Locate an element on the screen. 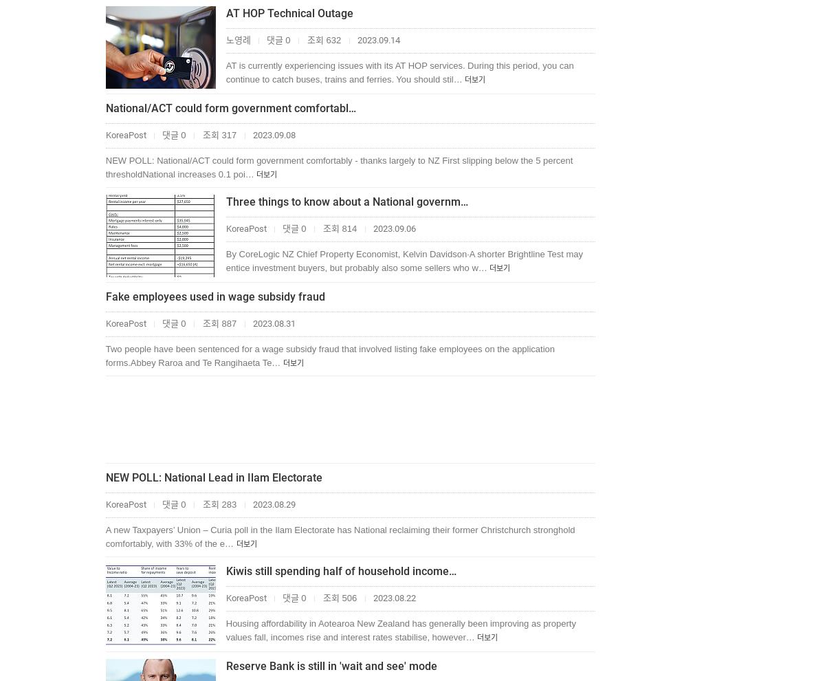  'AT is currently experiencing issues with its AT HOP services. During this period, you can continue to catch buses, trains and ferries. You should stil…' is located at coordinates (399, 72).